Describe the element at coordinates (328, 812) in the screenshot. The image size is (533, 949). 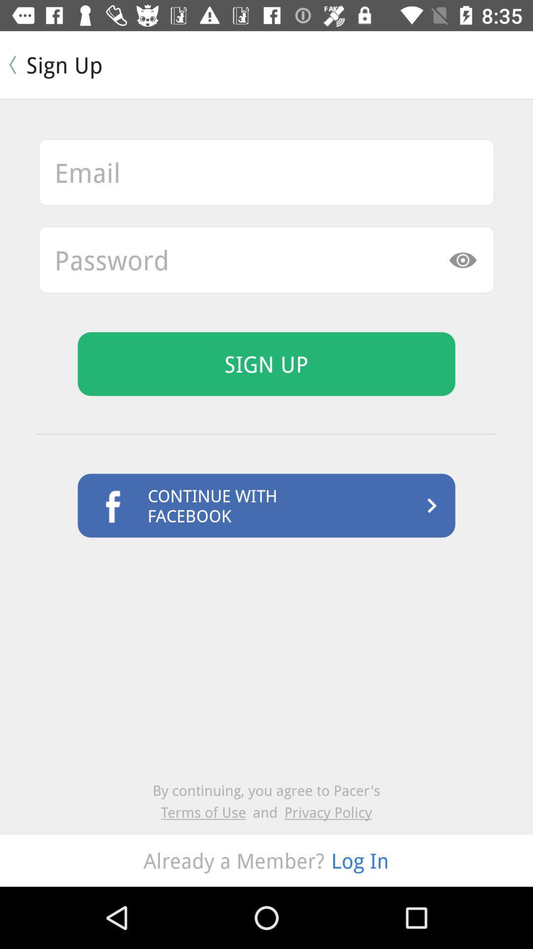
I see `the privacy policy item` at that location.